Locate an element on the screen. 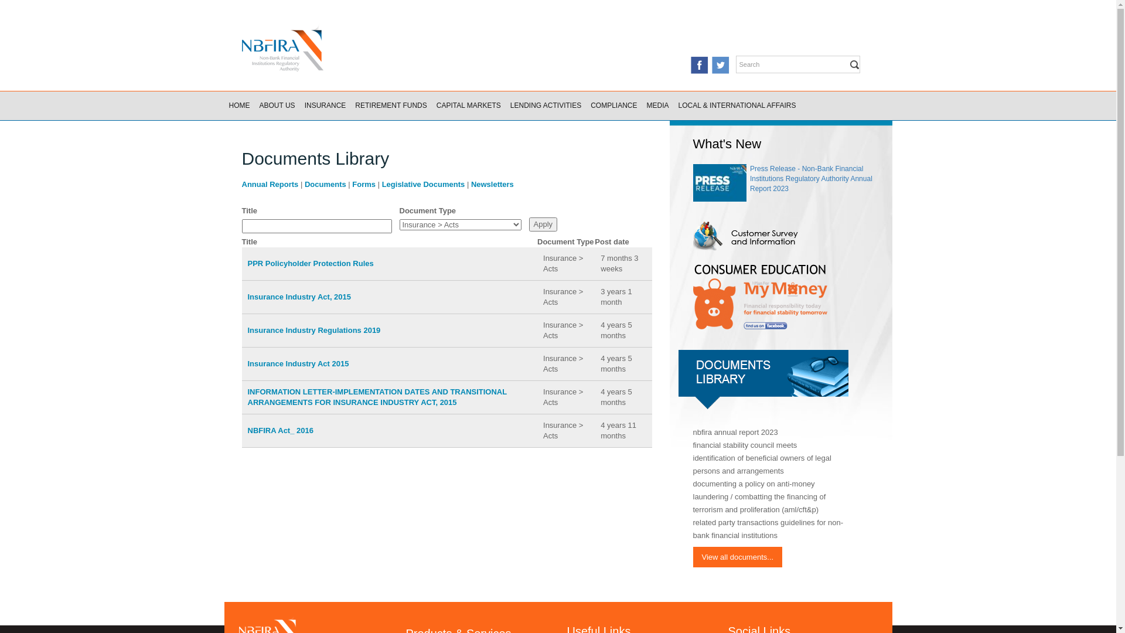 Image resolution: width=1125 pixels, height=633 pixels. 'INSURANCE' is located at coordinates (300, 105).